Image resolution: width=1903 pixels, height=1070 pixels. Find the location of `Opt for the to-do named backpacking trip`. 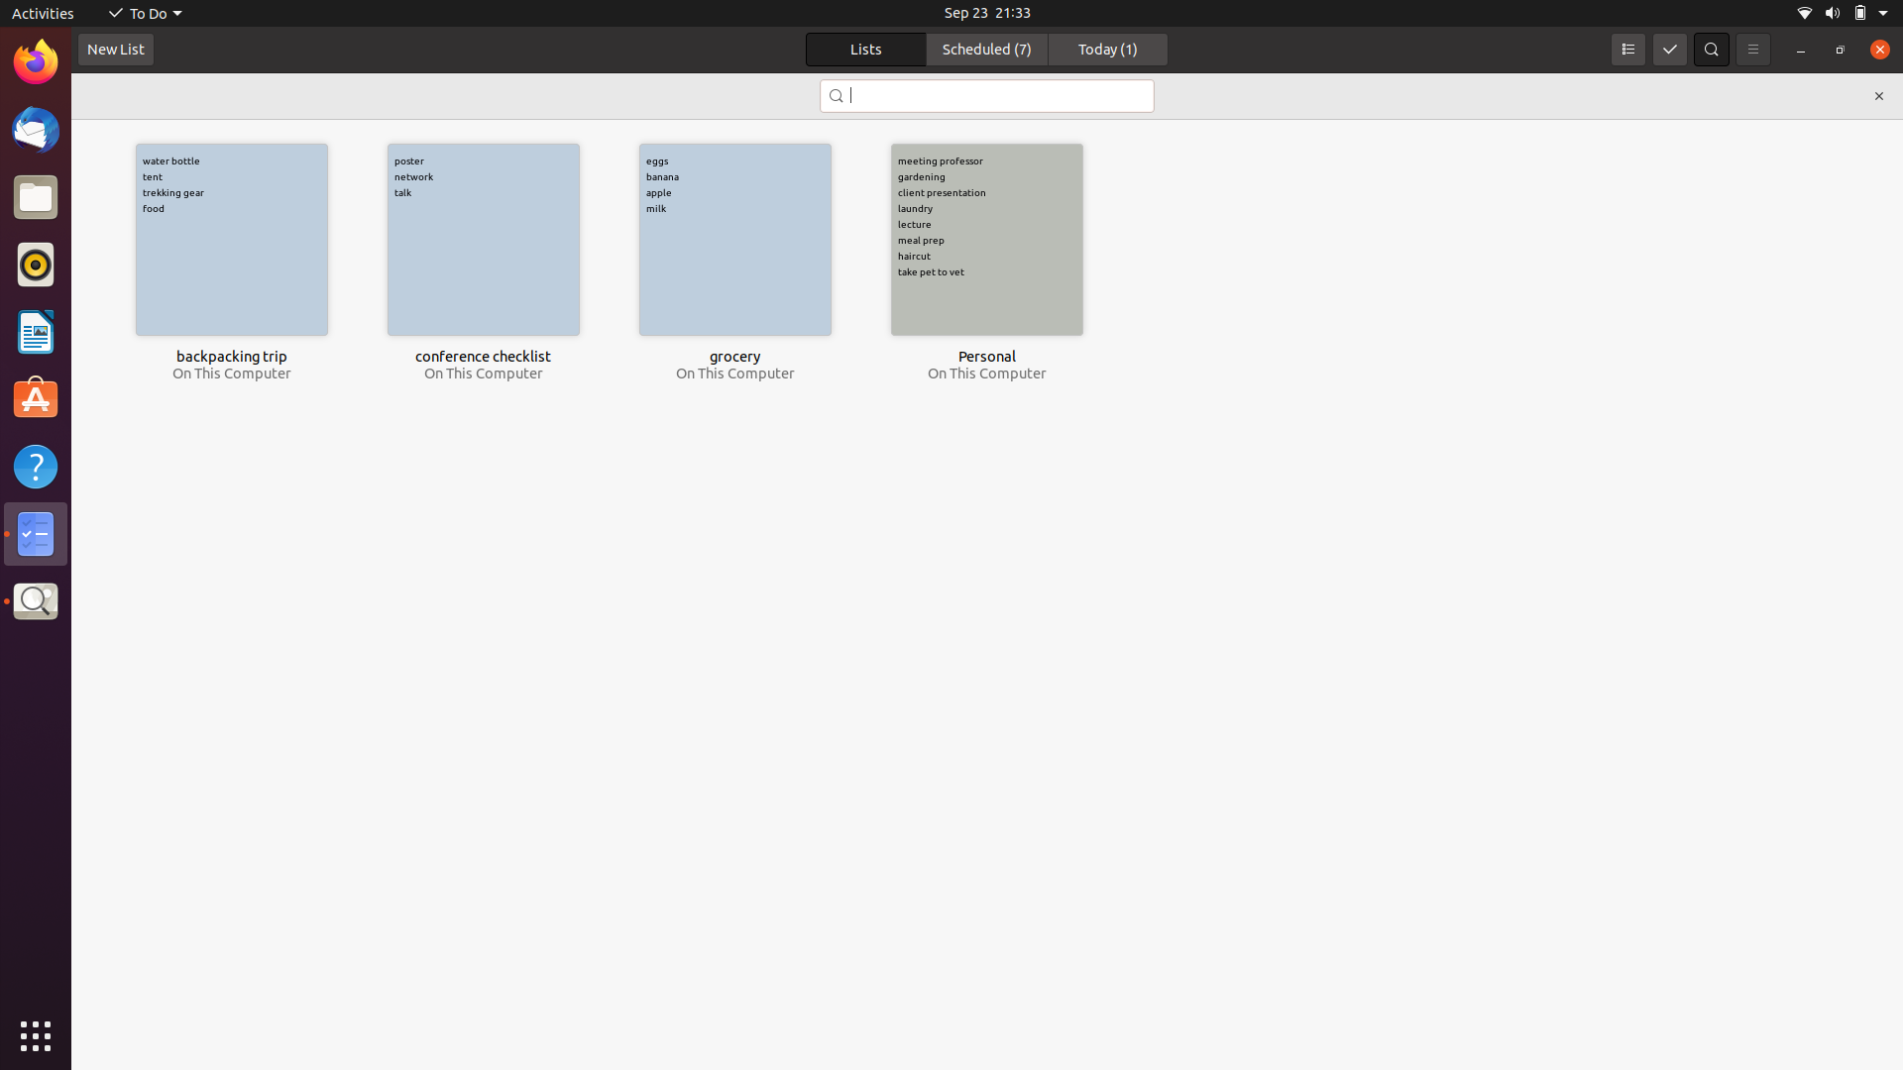

Opt for the to-do named backpacking trip is located at coordinates (231, 239).